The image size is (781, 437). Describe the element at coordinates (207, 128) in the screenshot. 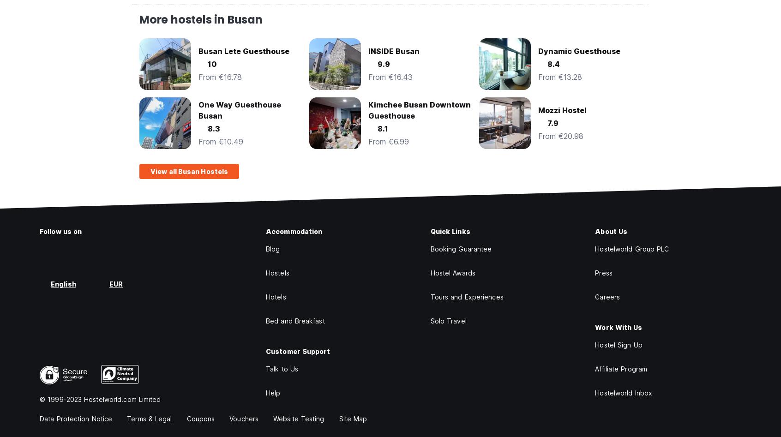

I see `'8.3'` at that location.